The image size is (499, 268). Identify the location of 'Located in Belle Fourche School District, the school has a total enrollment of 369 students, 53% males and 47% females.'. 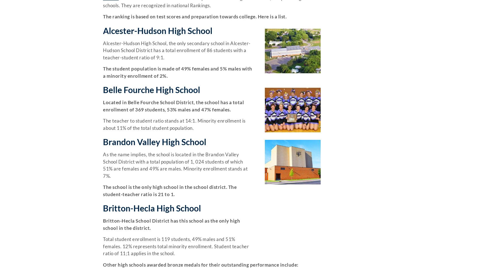
(173, 106).